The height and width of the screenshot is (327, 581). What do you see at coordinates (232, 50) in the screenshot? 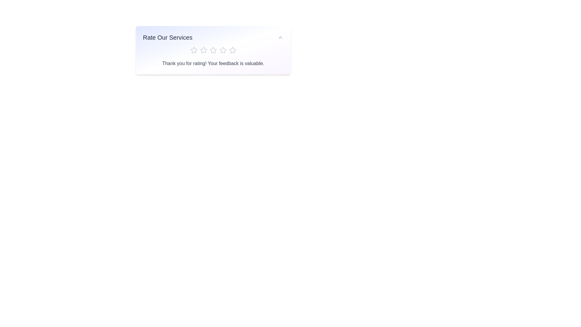
I see `the star corresponding to the desired rating 5` at bounding box center [232, 50].